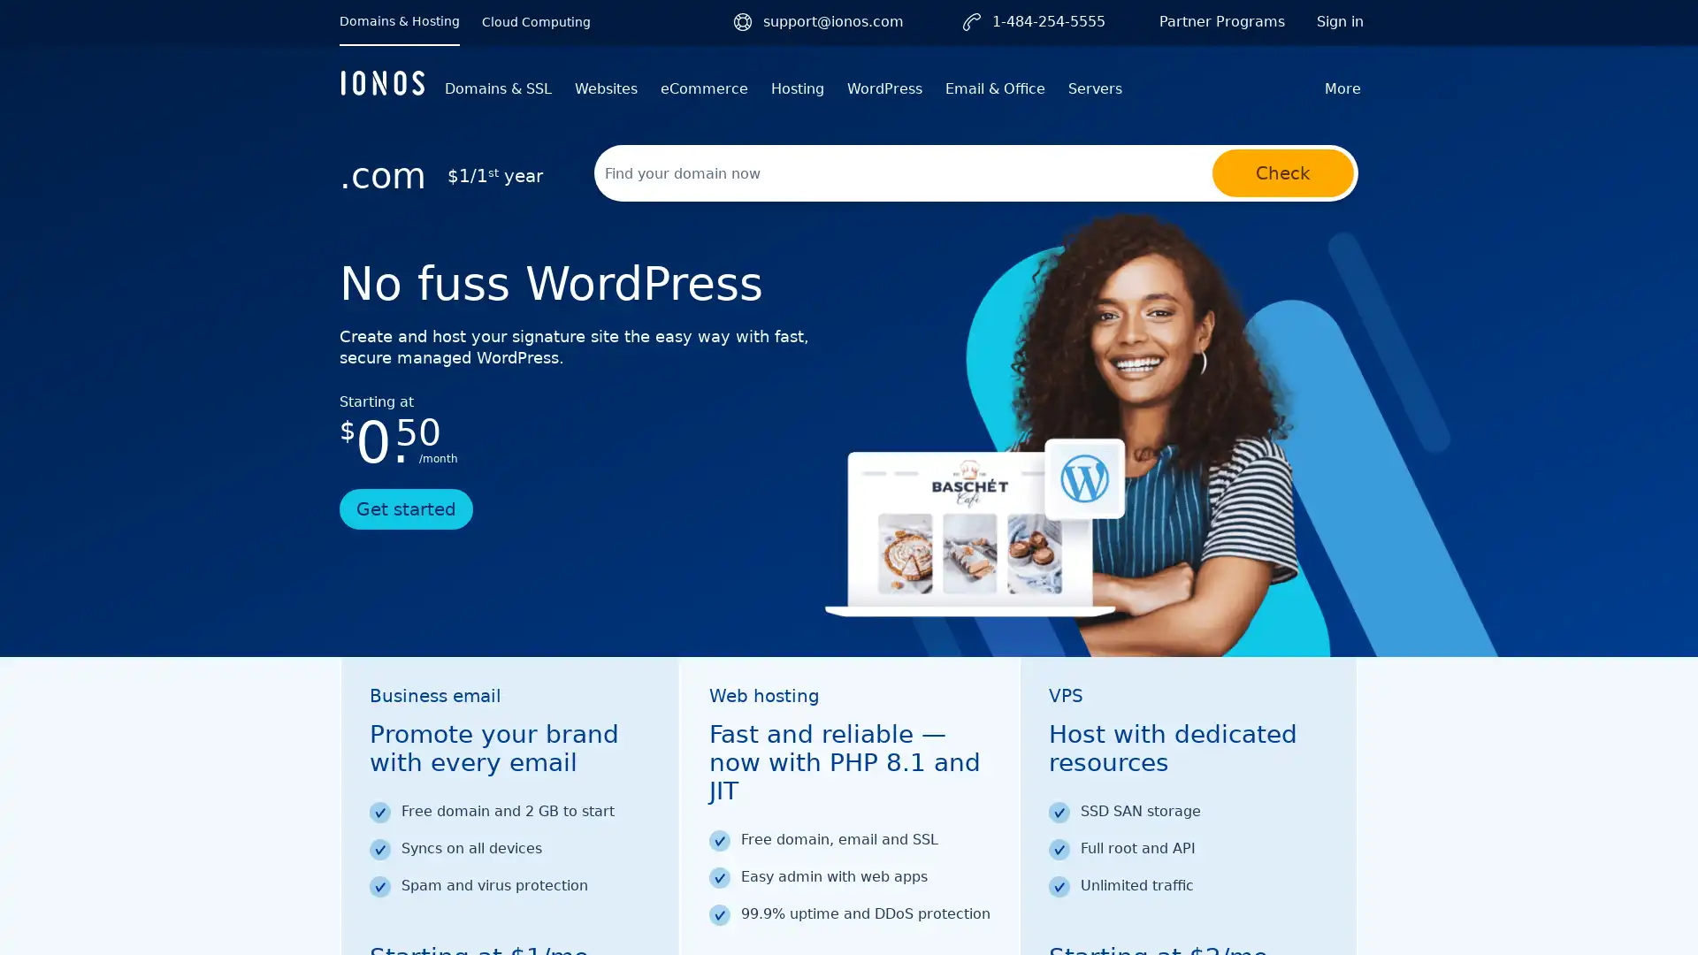 This screenshot has width=1698, height=955. I want to click on Websites, so click(606, 88).